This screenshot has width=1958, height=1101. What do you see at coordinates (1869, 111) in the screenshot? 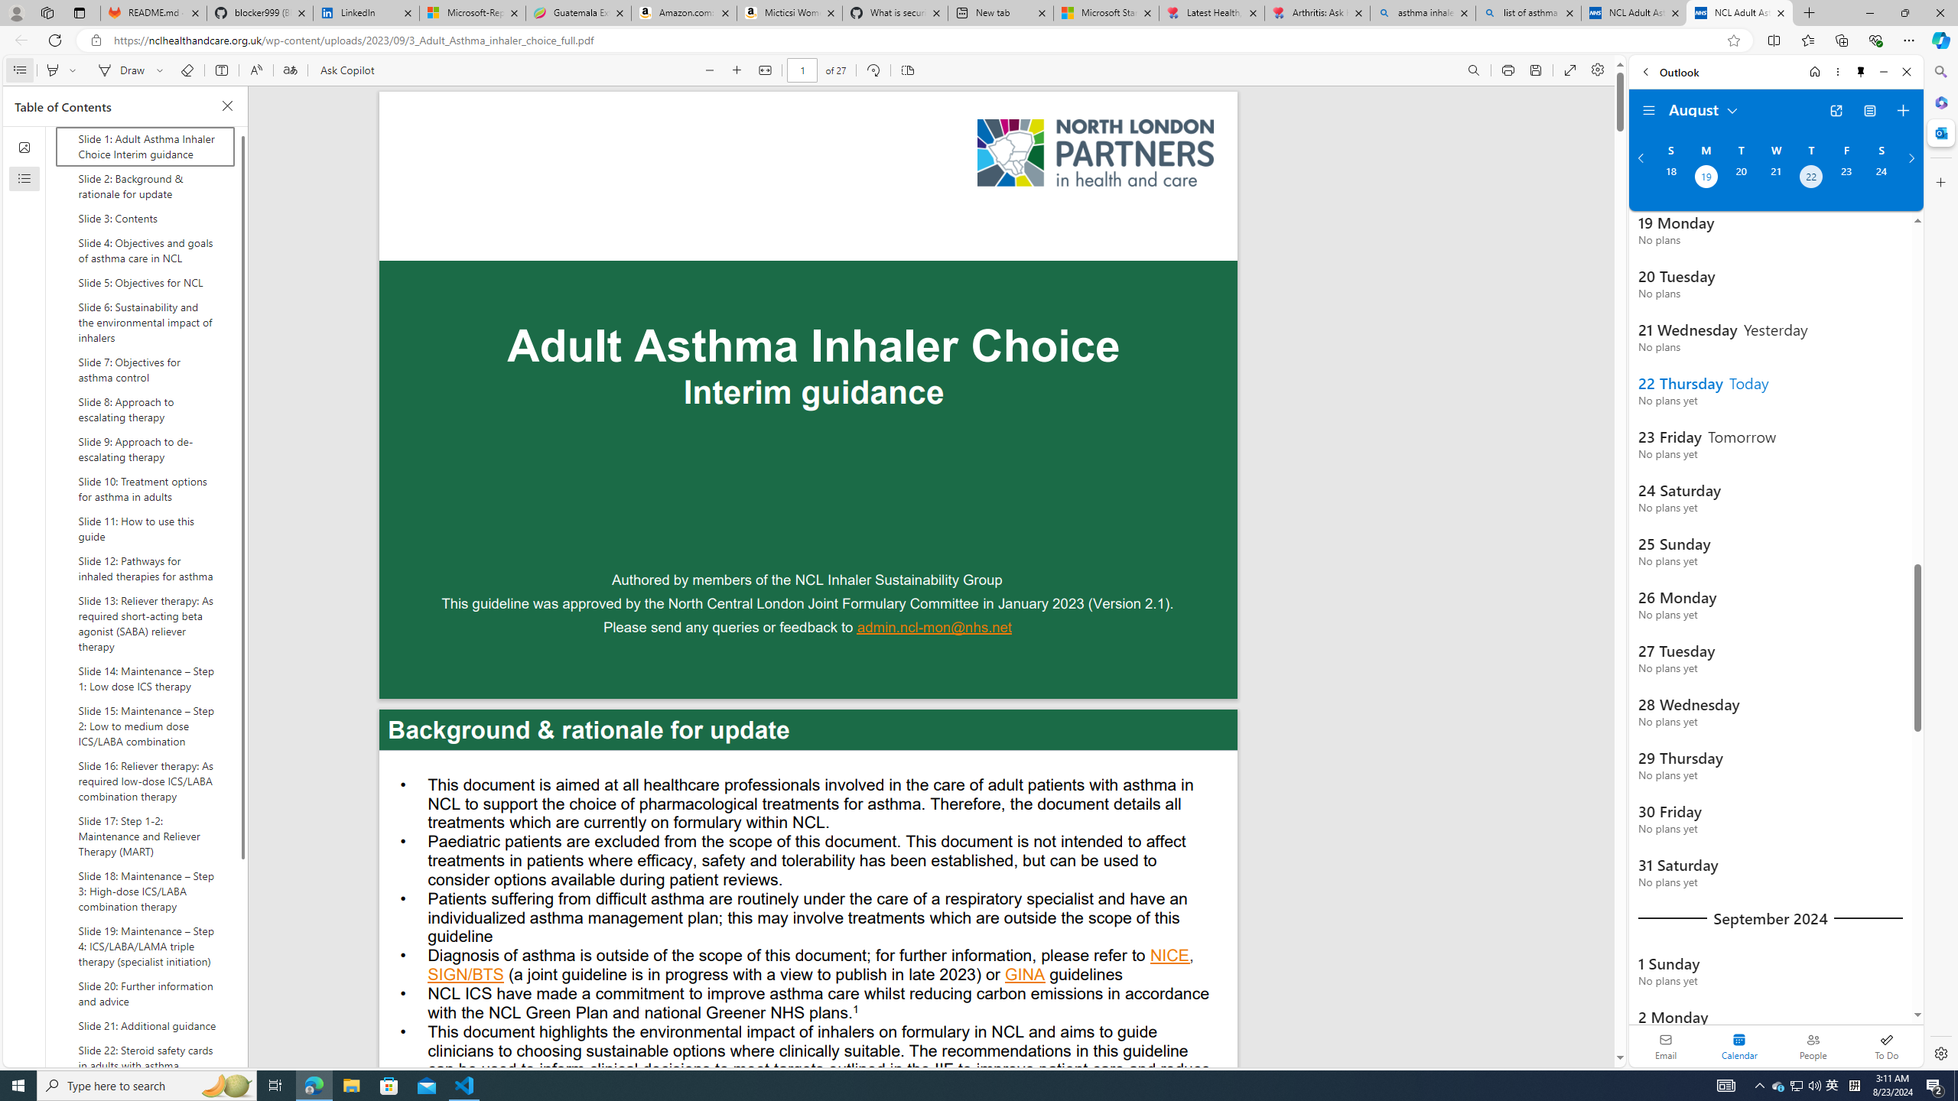
I see `'View Switcher. Current view is Agenda view'` at bounding box center [1869, 111].